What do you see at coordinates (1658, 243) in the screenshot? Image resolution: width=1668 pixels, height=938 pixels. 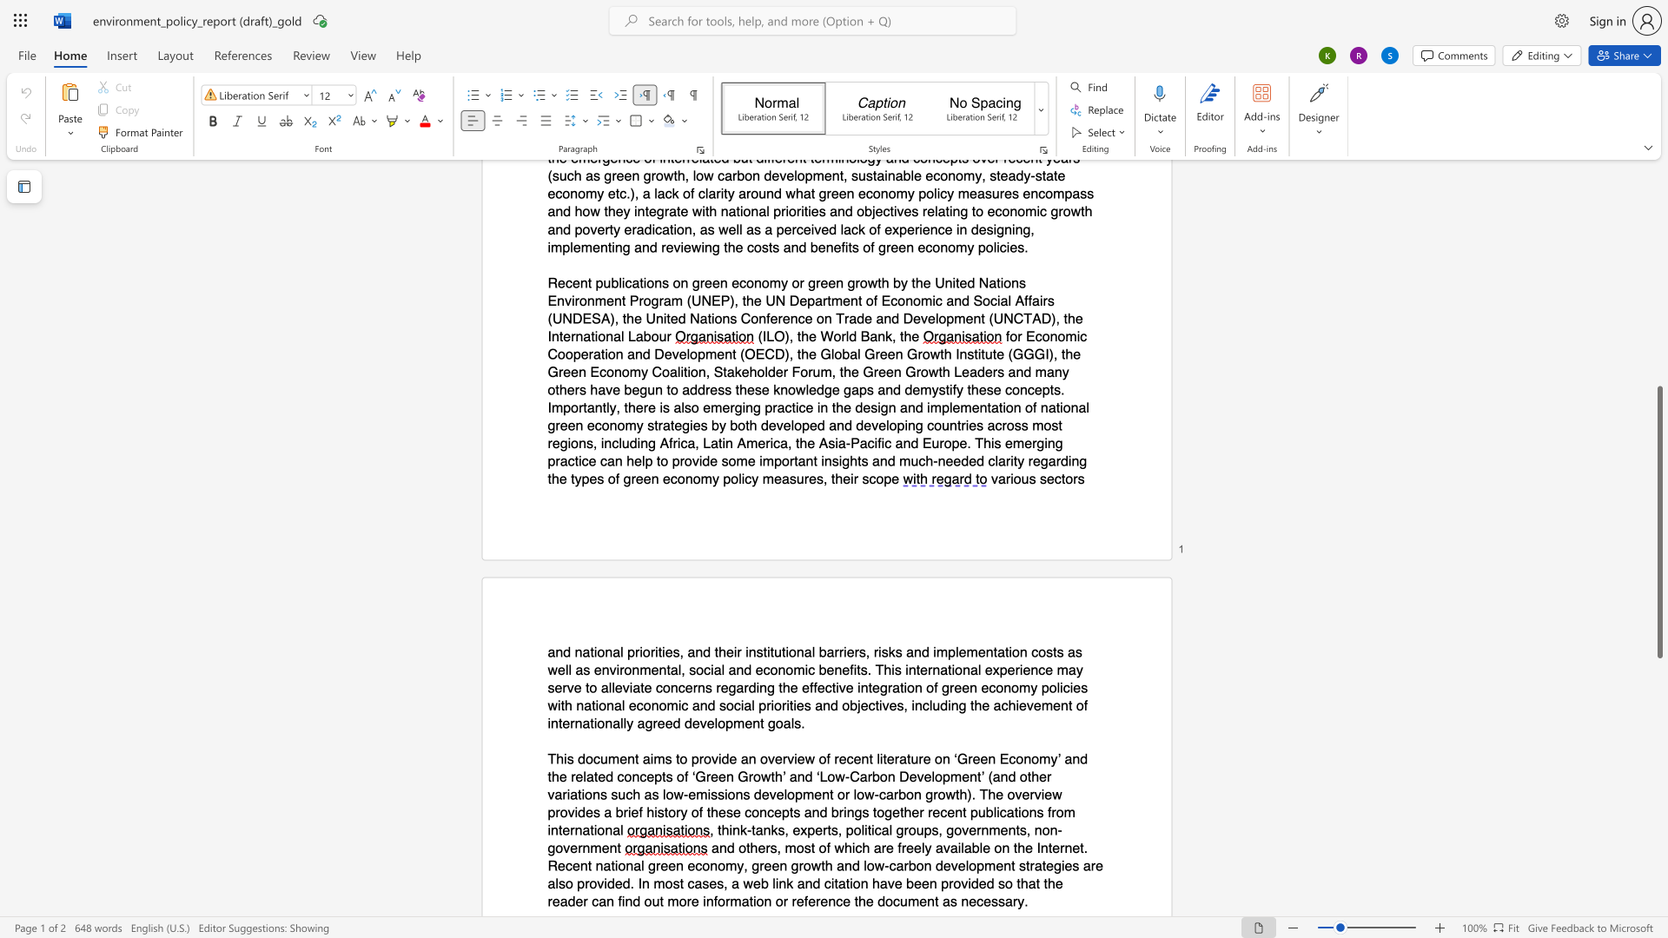 I see `the scrollbar to move the view up` at bounding box center [1658, 243].